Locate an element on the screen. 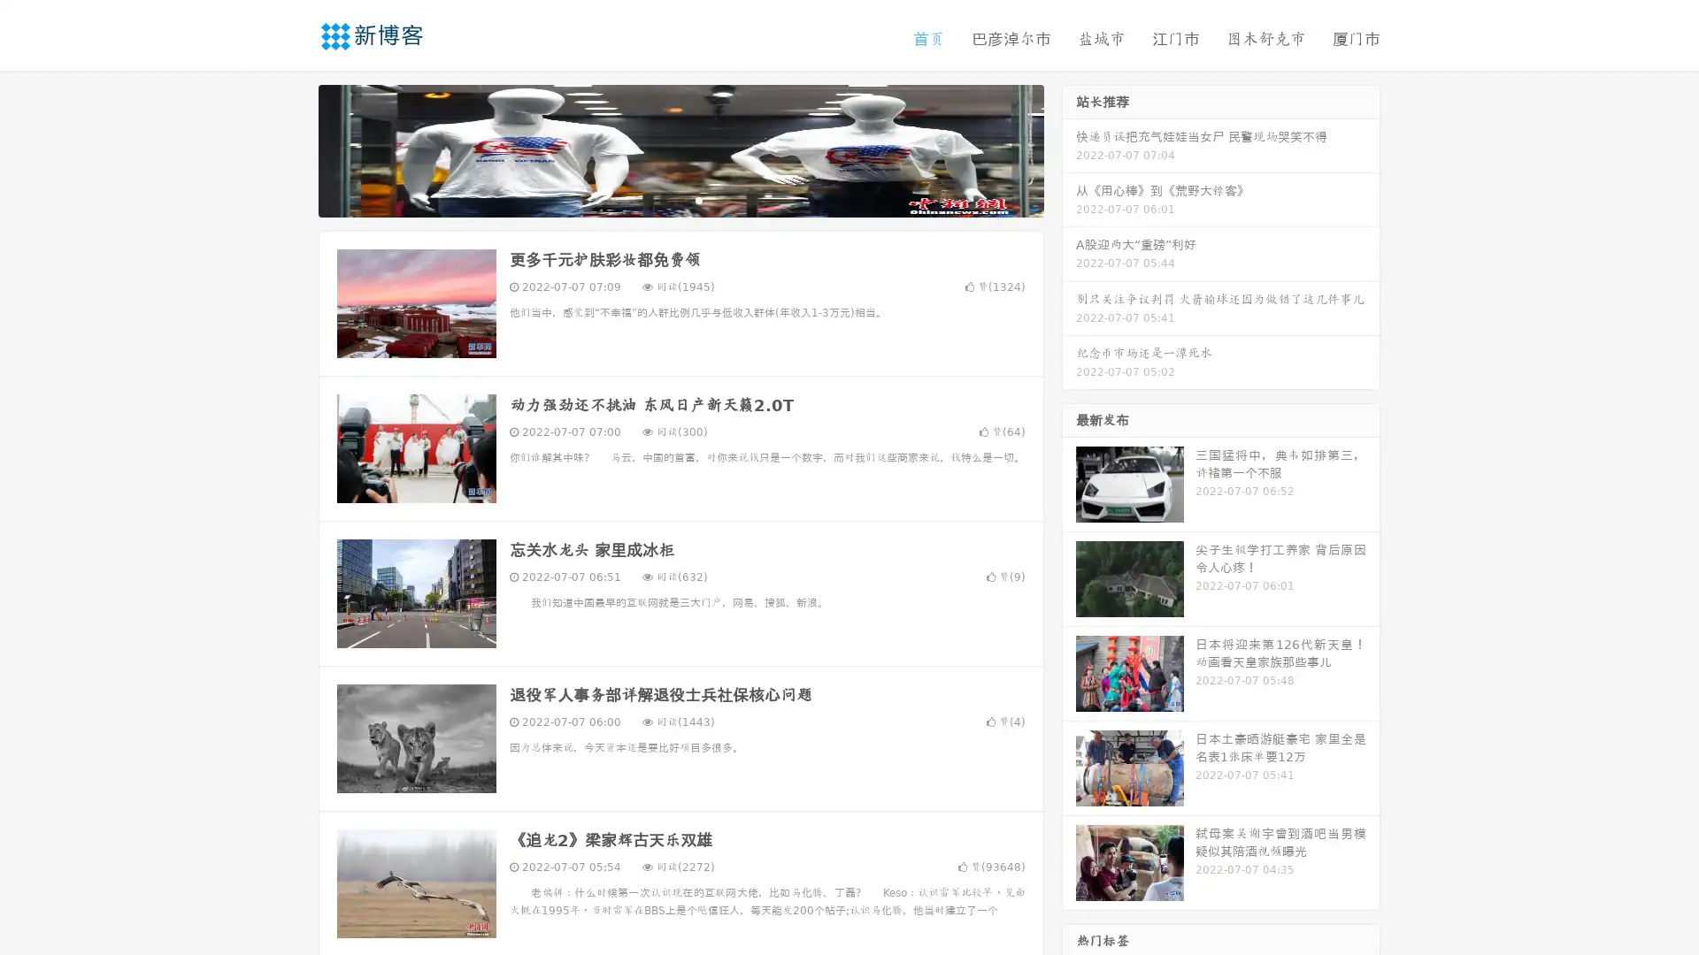 Image resolution: width=1699 pixels, height=955 pixels. Go to slide 3 is located at coordinates (698, 199).